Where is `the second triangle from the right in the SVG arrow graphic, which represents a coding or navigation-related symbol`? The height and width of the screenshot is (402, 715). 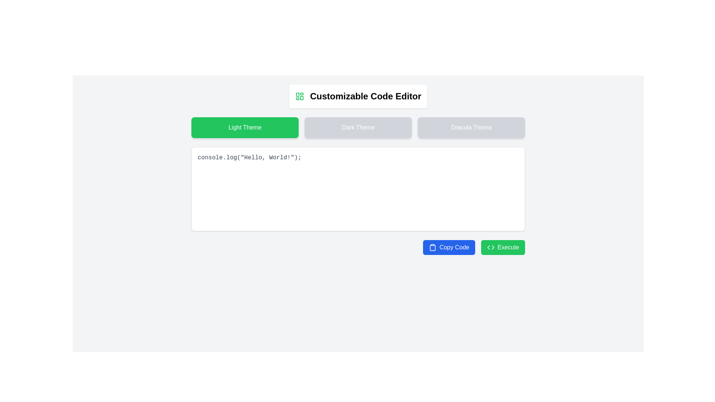
the second triangle from the right in the SVG arrow graphic, which represents a coding or navigation-related symbol is located at coordinates (493, 247).